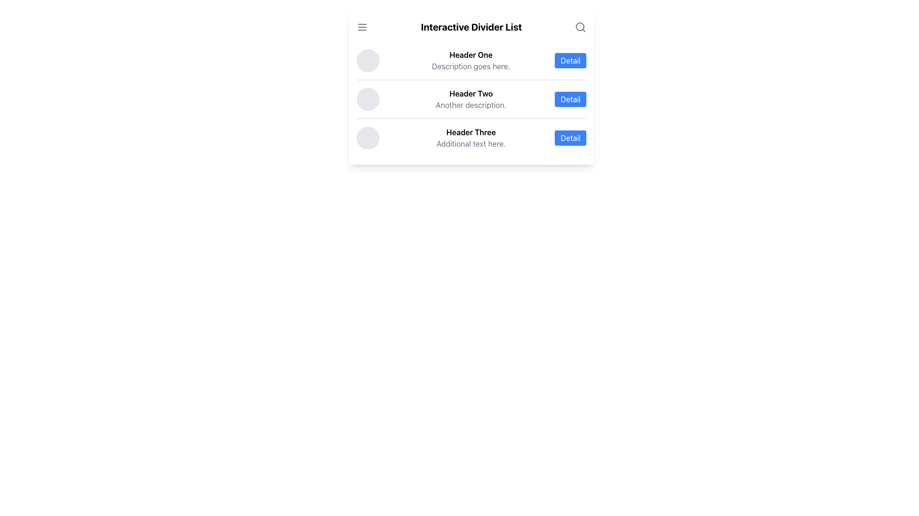 Image resolution: width=919 pixels, height=516 pixels. Describe the element at coordinates (471, 55) in the screenshot. I see `the Text Label which serves as the title or header for the associated list item, located above the text 'Description goes here.'` at that location.